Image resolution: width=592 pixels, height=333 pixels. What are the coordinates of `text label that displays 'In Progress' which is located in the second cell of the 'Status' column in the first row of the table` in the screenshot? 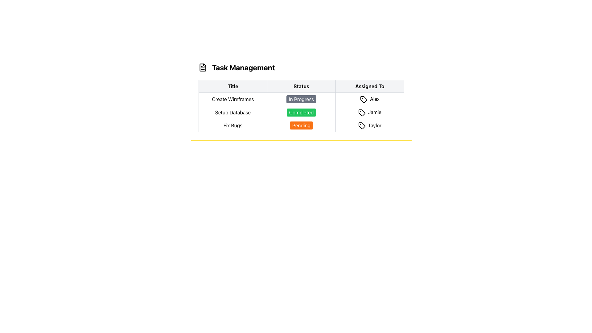 It's located at (301, 99).